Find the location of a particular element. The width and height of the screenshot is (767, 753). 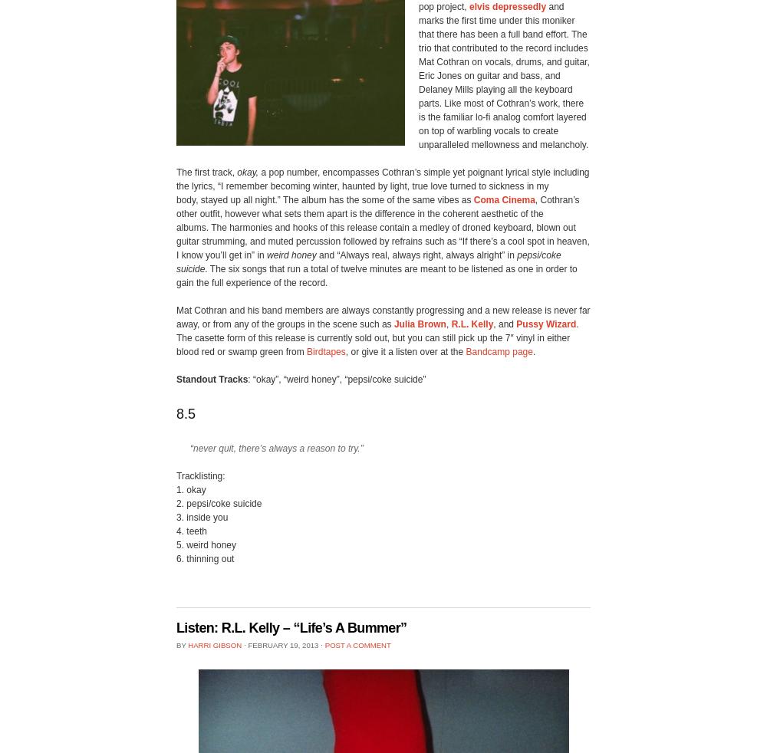

'2. pepsi/coke suicide' is located at coordinates (219, 502).